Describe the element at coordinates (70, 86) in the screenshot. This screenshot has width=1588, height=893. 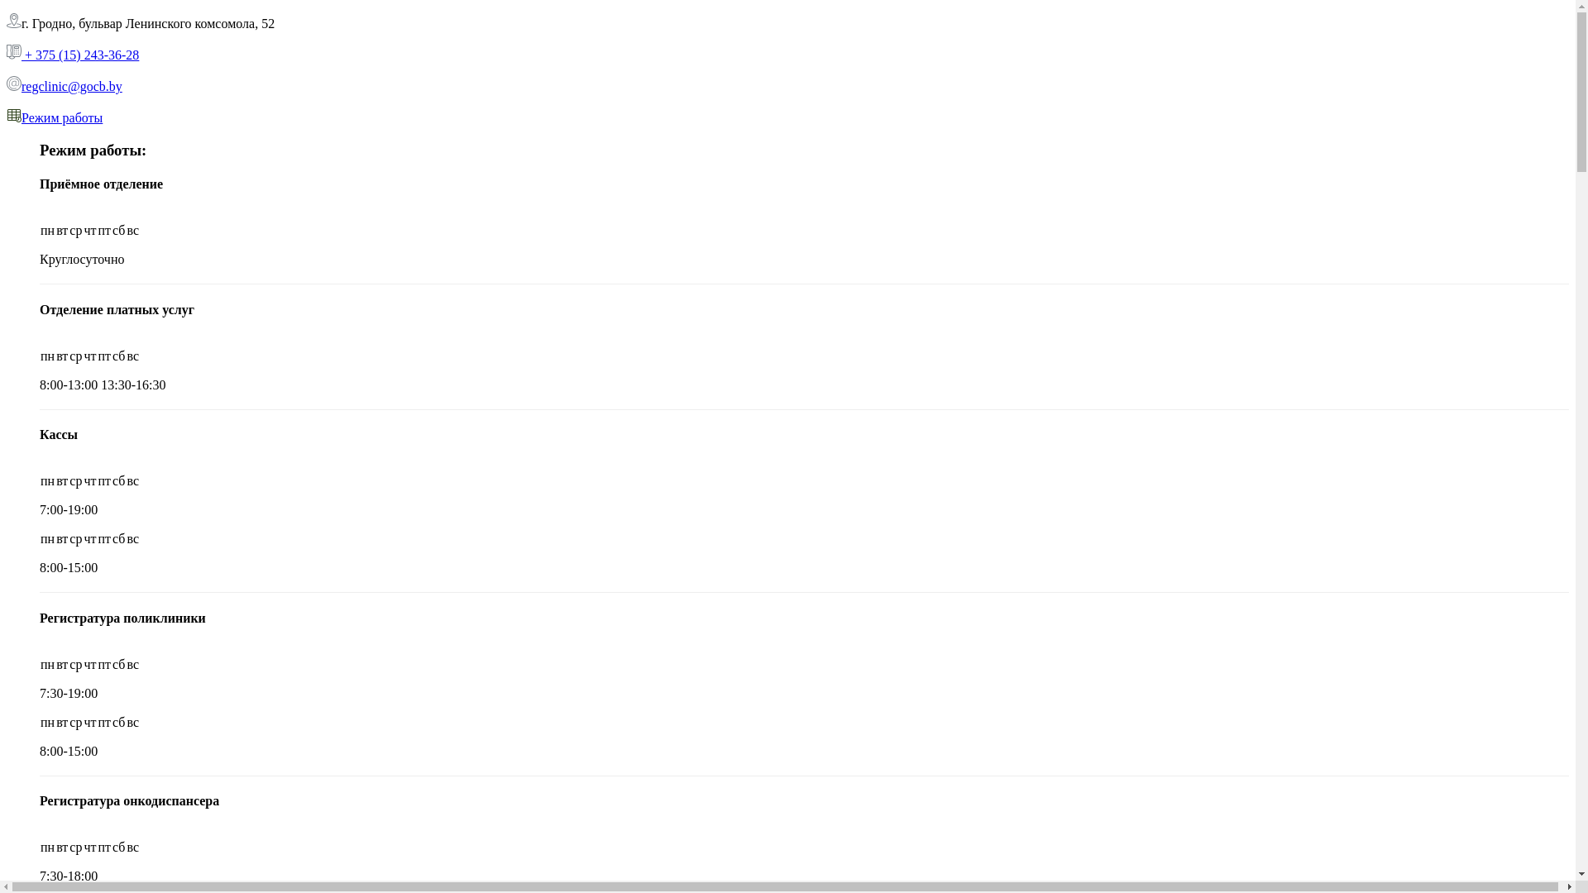
I see `'regclinic@gocb.by'` at that location.